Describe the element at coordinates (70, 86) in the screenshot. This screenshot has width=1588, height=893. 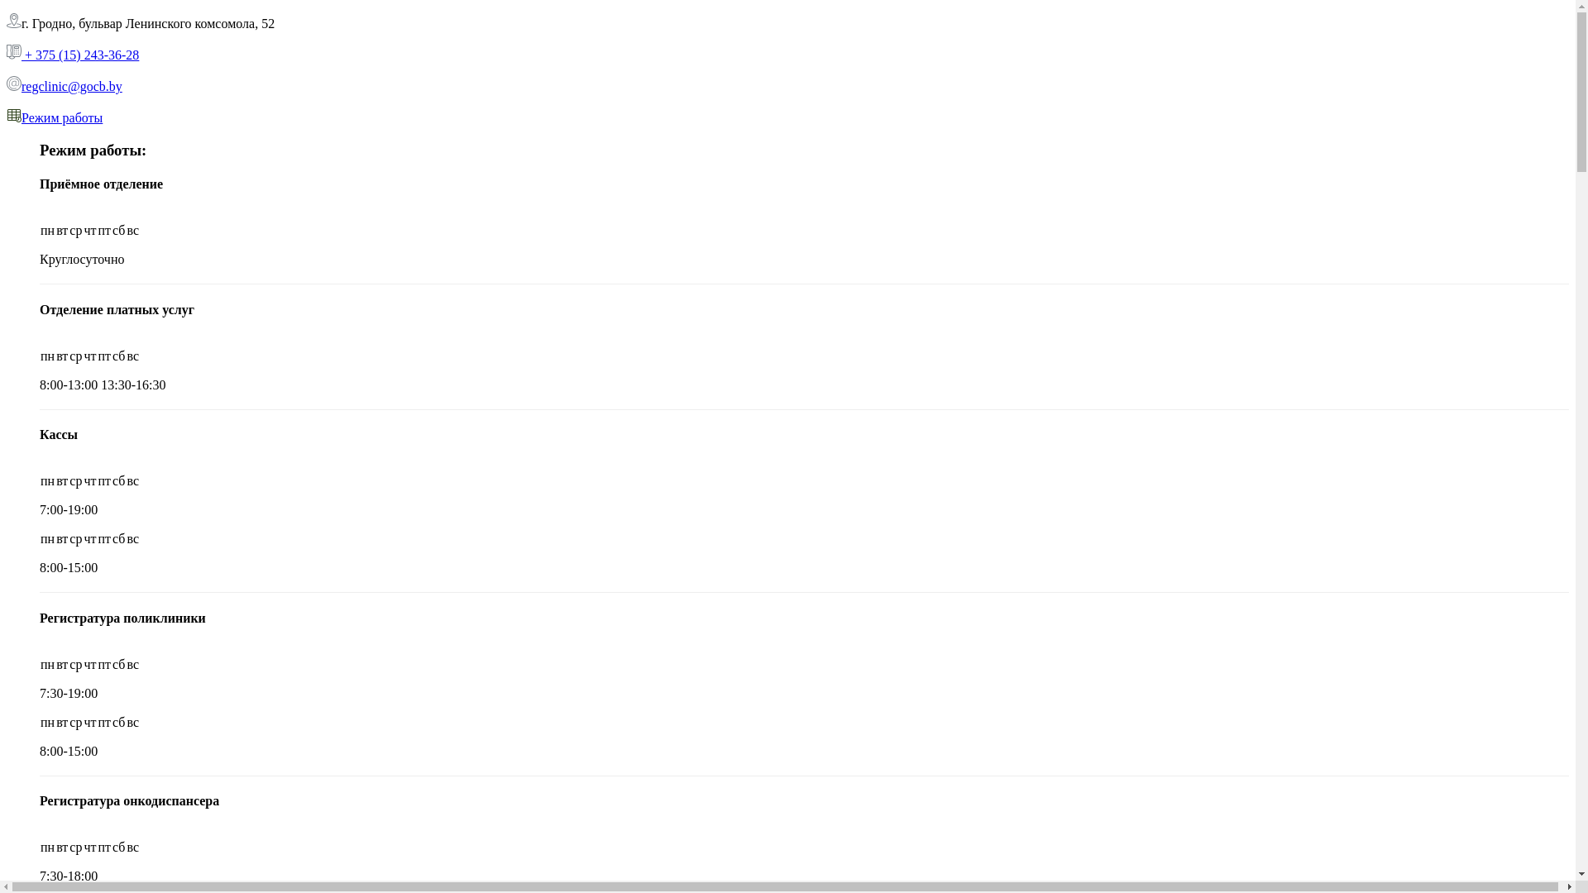
I see `'regclinic@gocb.by'` at that location.